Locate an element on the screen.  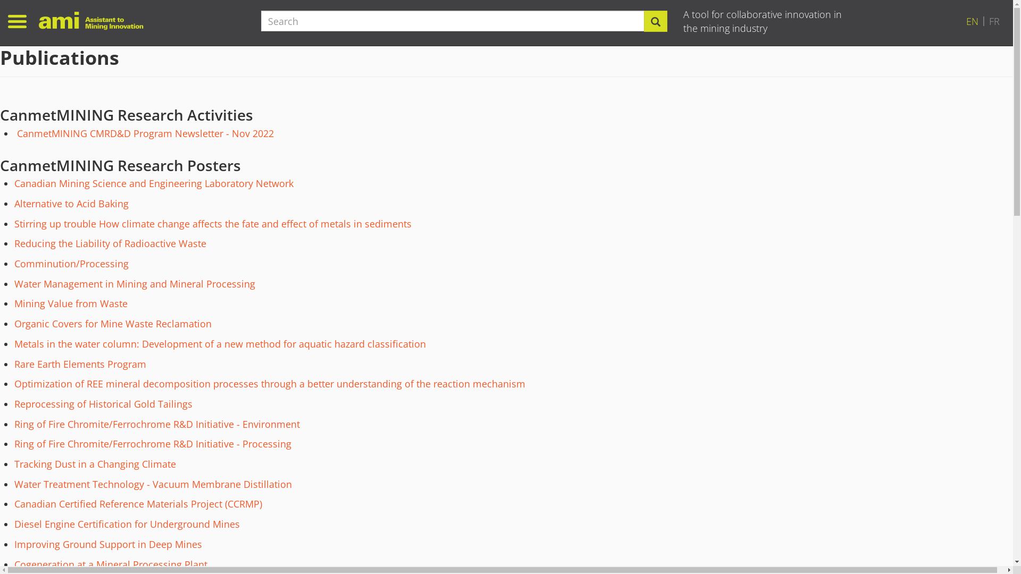
'Mining Value from Waste' is located at coordinates (70, 303).